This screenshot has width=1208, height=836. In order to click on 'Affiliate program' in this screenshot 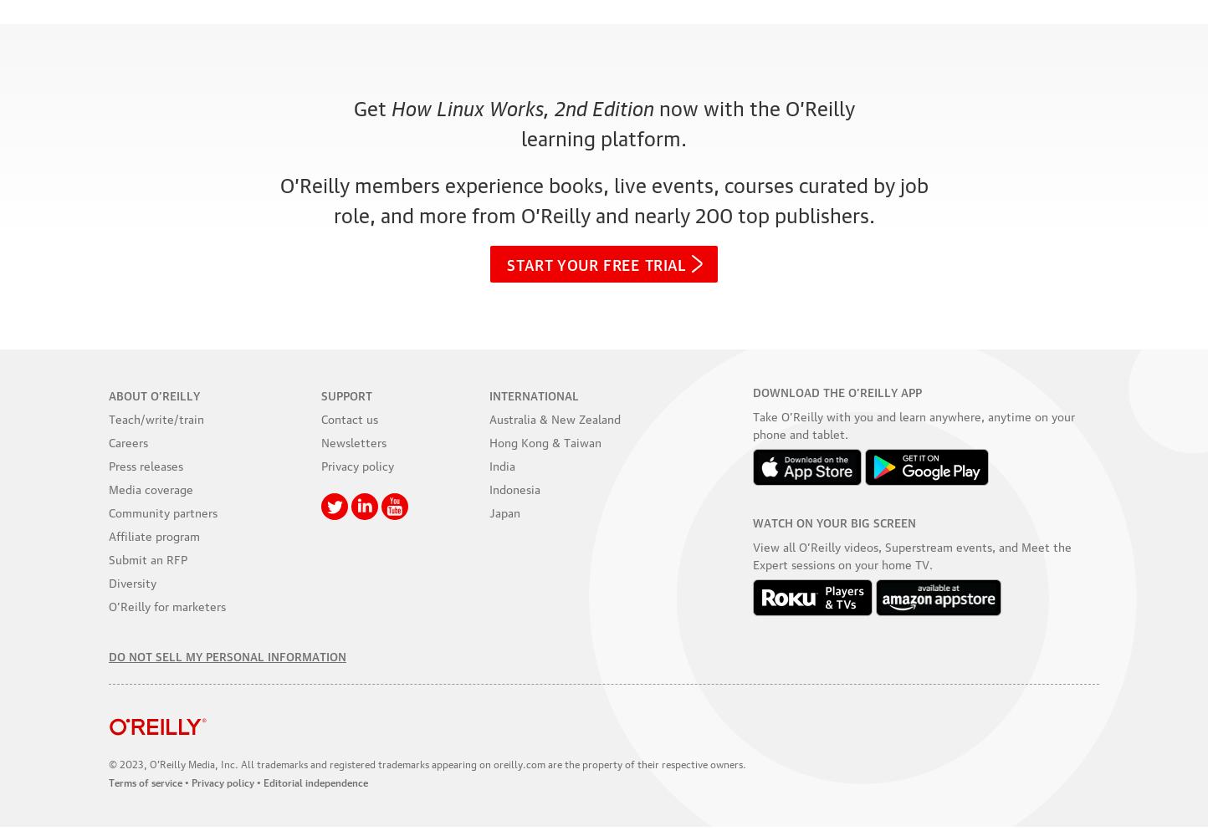, I will do `click(153, 534)`.